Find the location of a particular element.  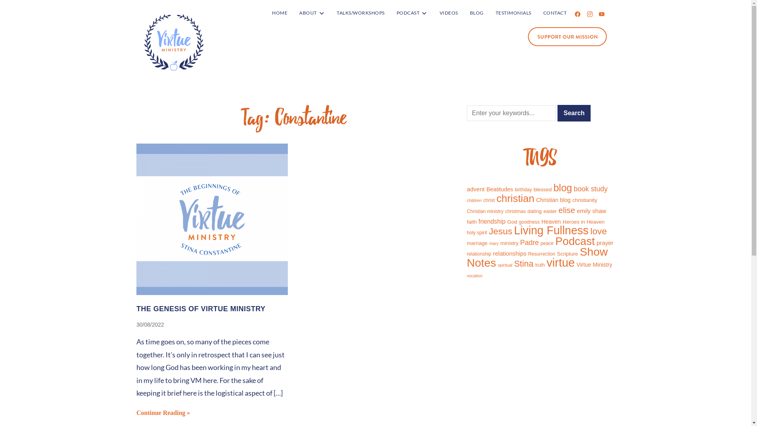

'christian' is located at coordinates (515, 198).